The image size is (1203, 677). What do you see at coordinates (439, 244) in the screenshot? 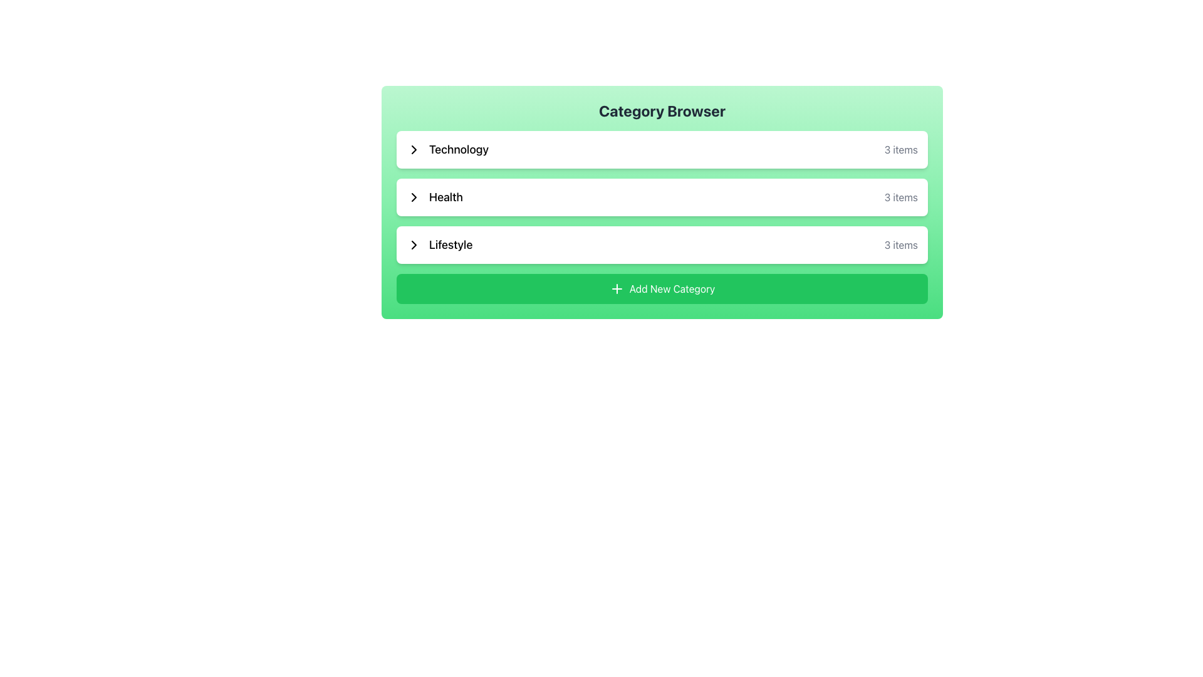
I see `text of the 'Lifestyle' label which is part of the clickable category item located in the lower section of the categories list` at bounding box center [439, 244].